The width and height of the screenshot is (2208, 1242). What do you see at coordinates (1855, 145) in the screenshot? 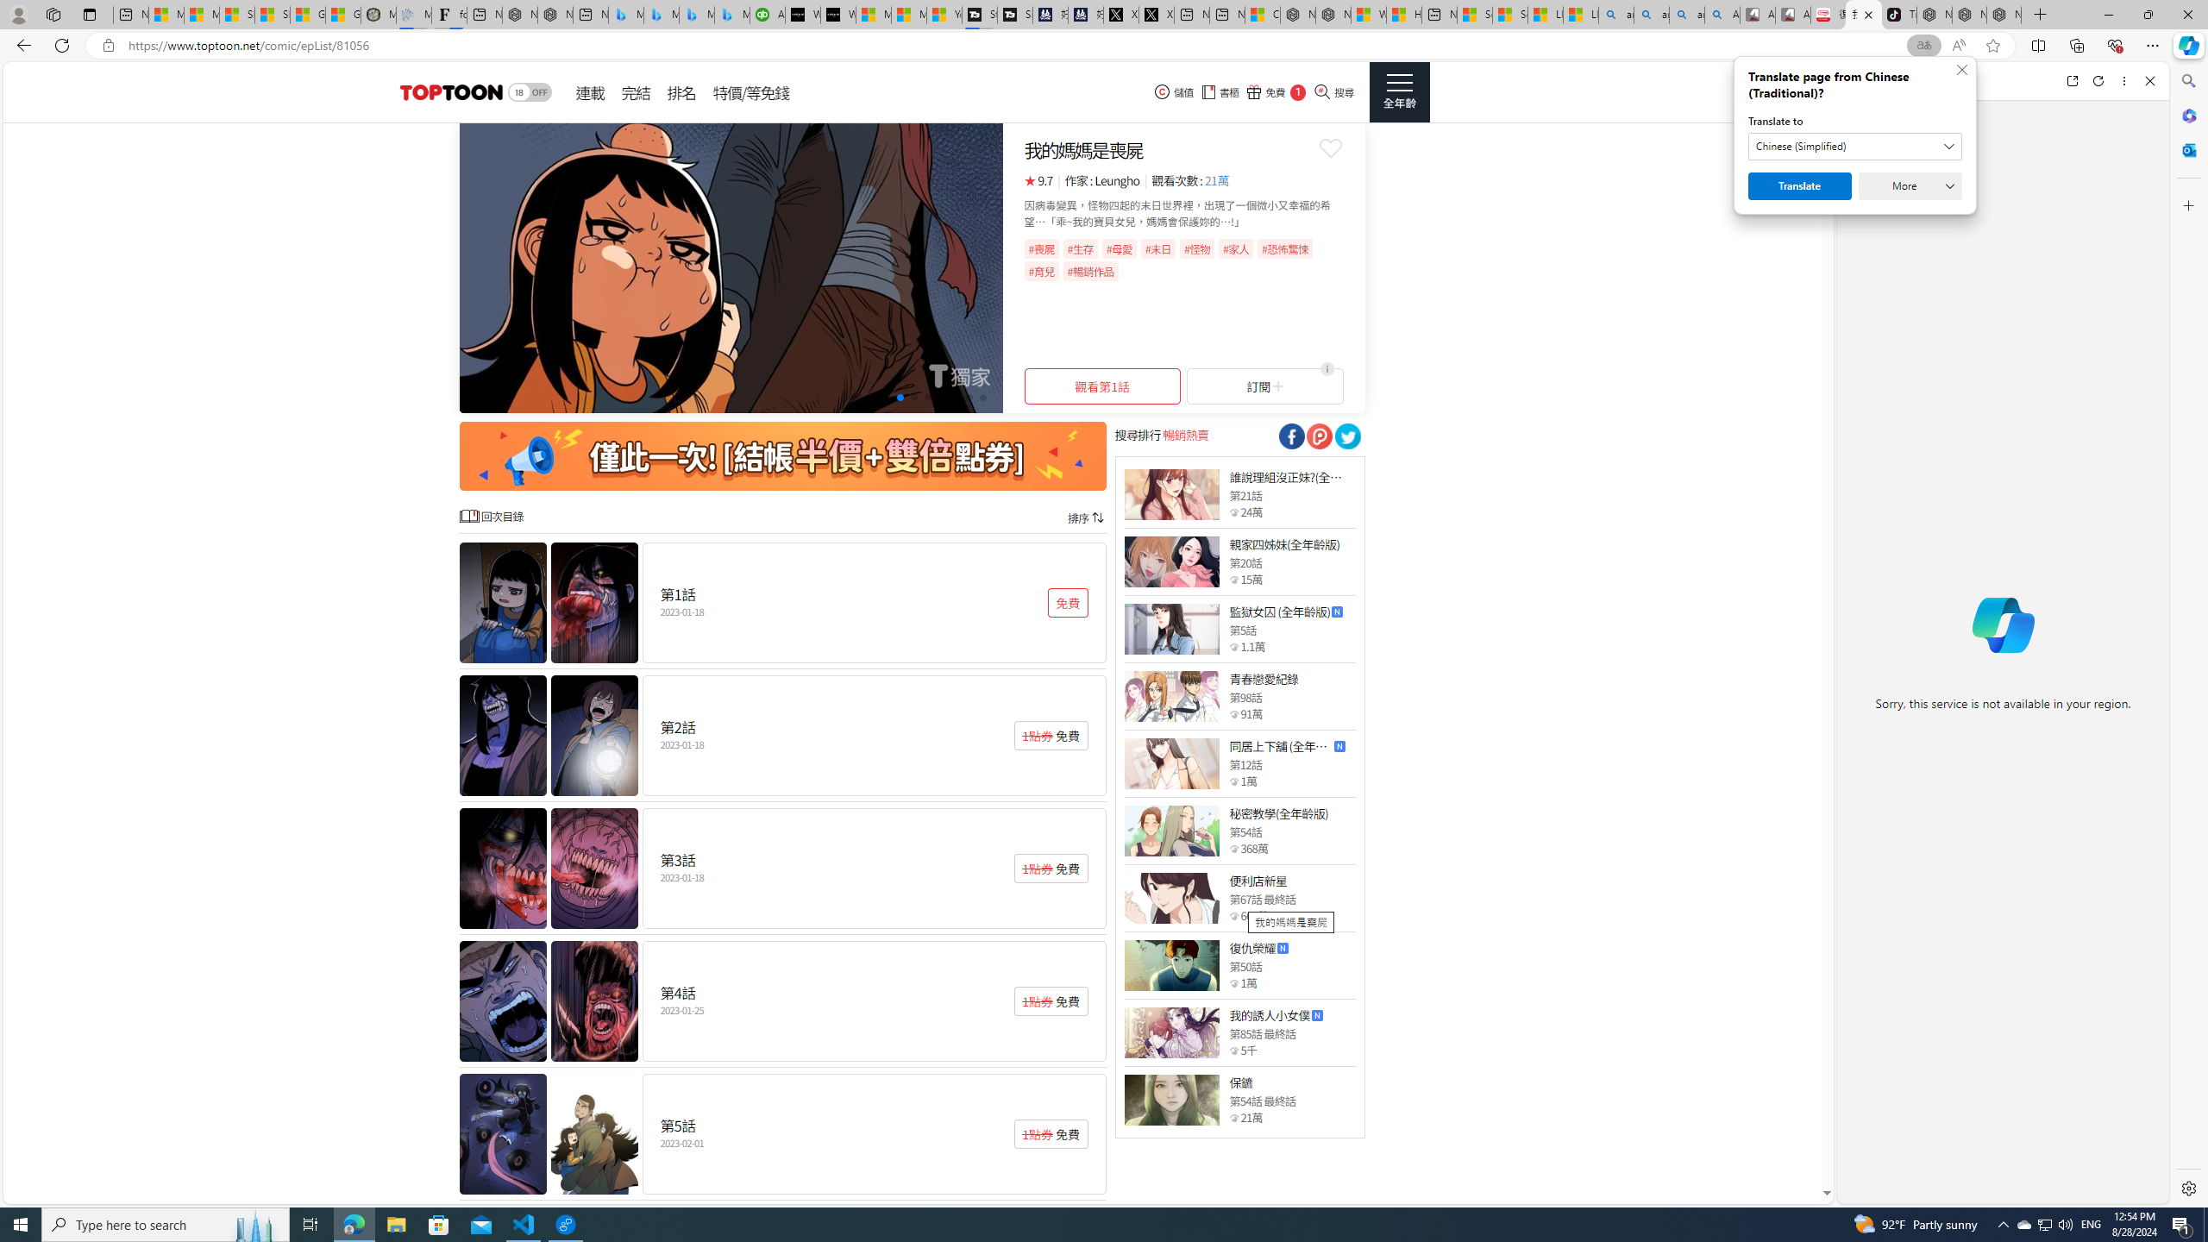
I see `'Translate to'` at bounding box center [1855, 145].